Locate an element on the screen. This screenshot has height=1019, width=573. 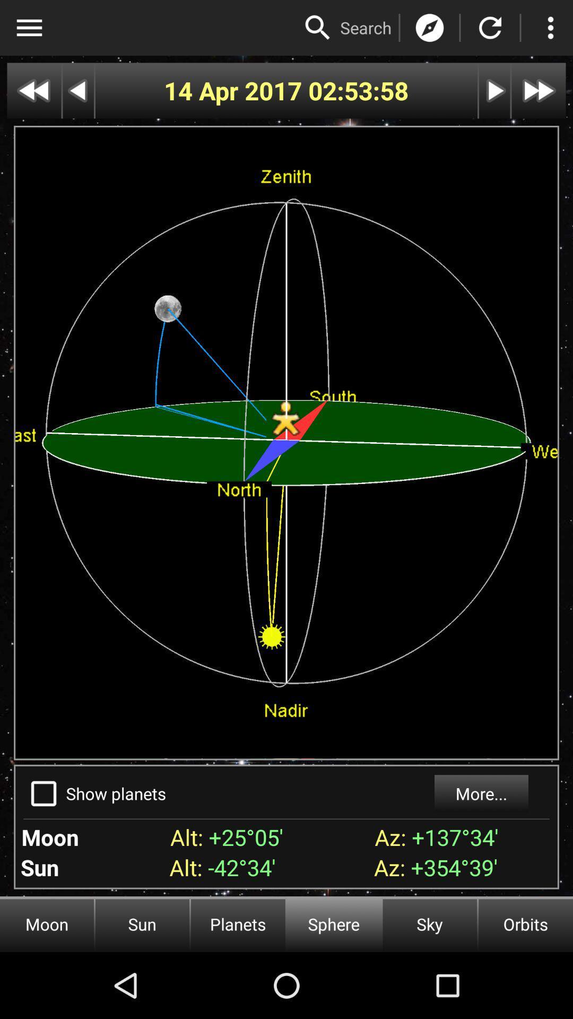
show planets is located at coordinates (43, 793).